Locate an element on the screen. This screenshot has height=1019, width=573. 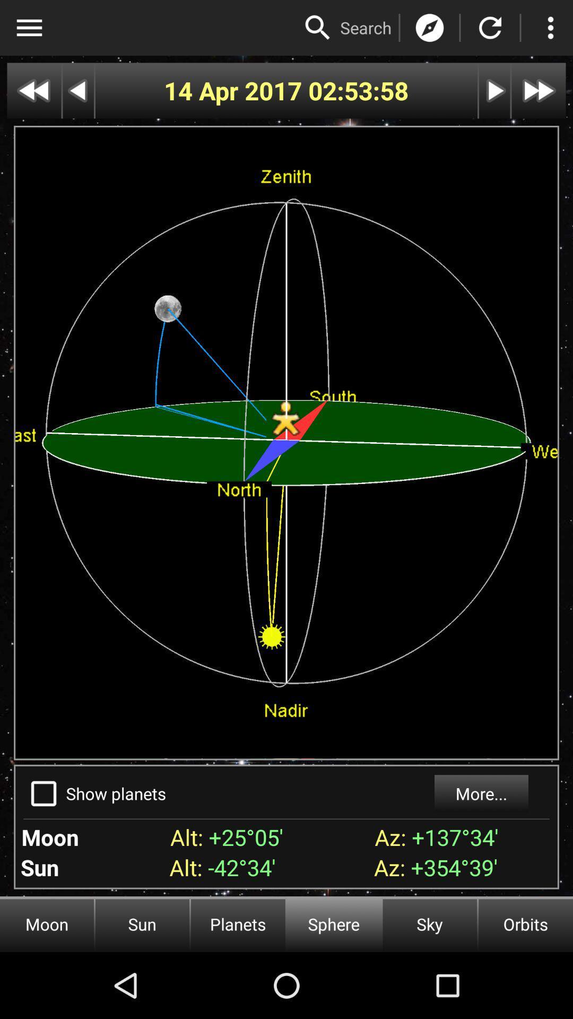
show planets is located at coordinates (43, 793).